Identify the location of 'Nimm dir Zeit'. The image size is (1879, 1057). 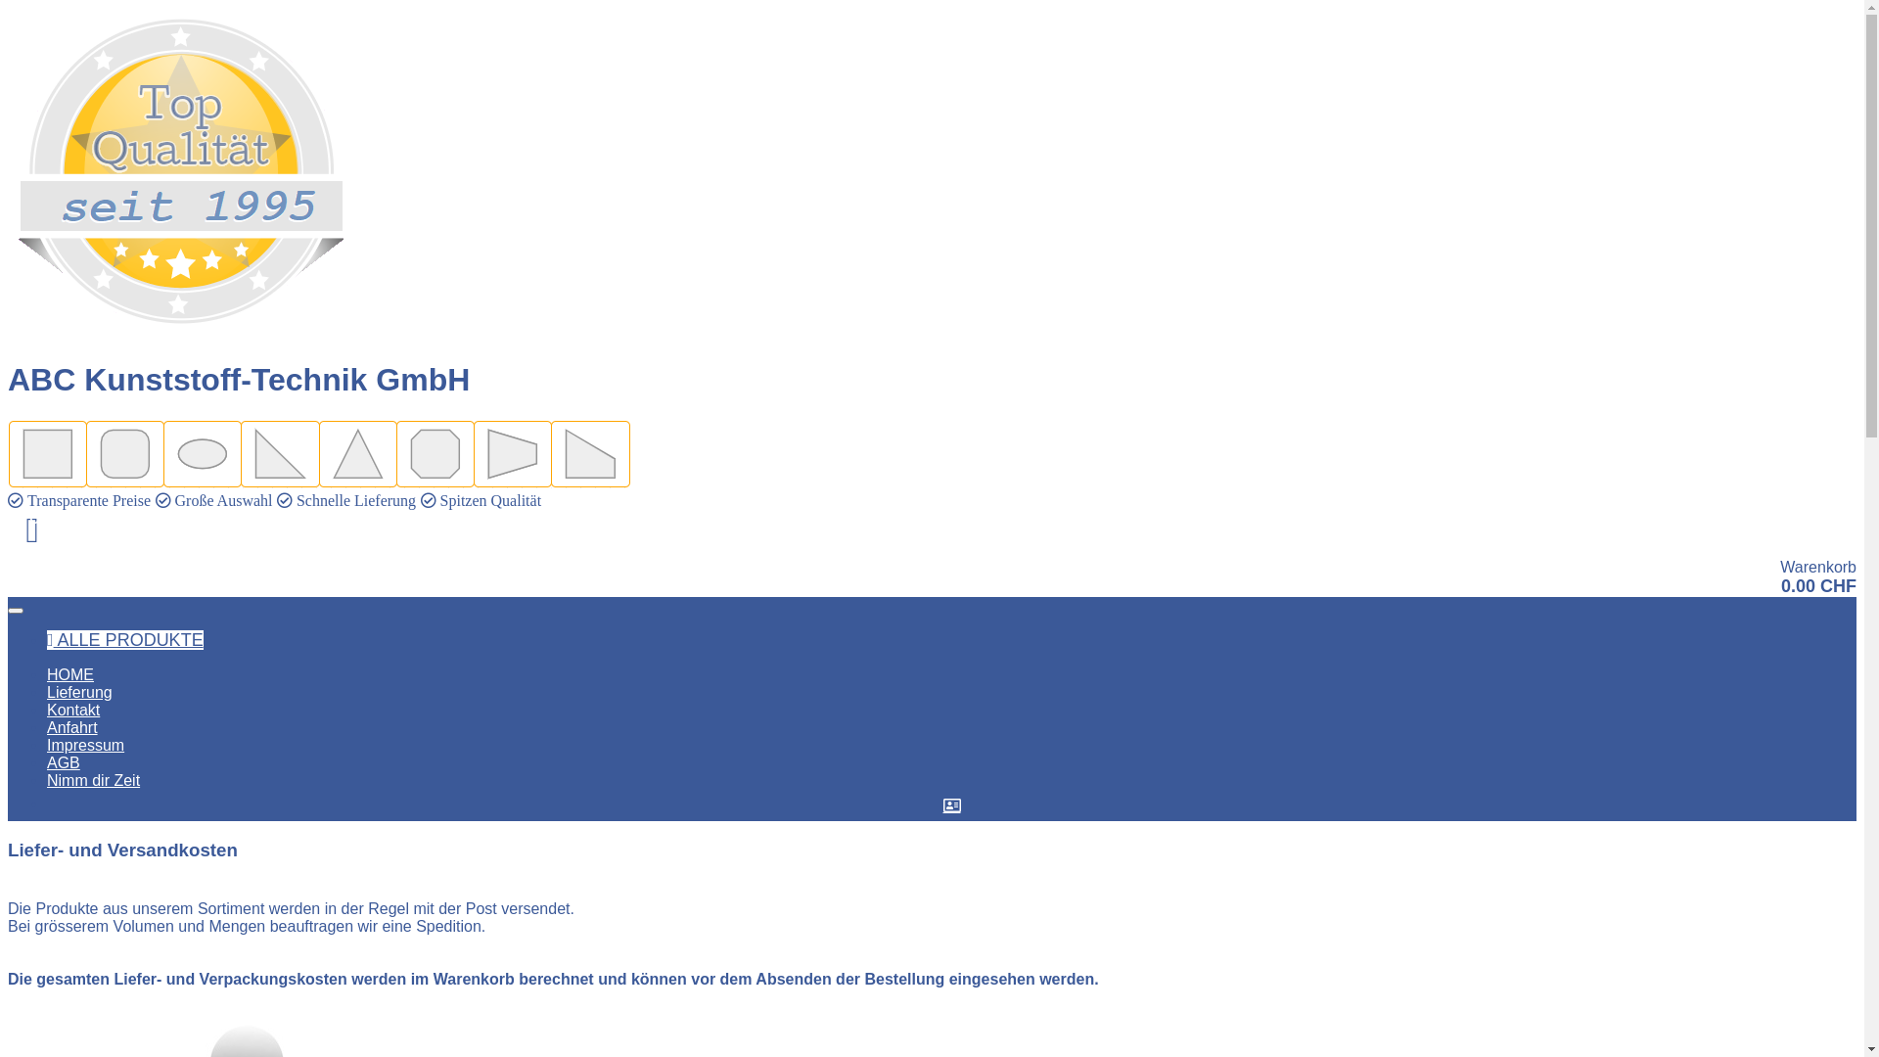
(92, 779).